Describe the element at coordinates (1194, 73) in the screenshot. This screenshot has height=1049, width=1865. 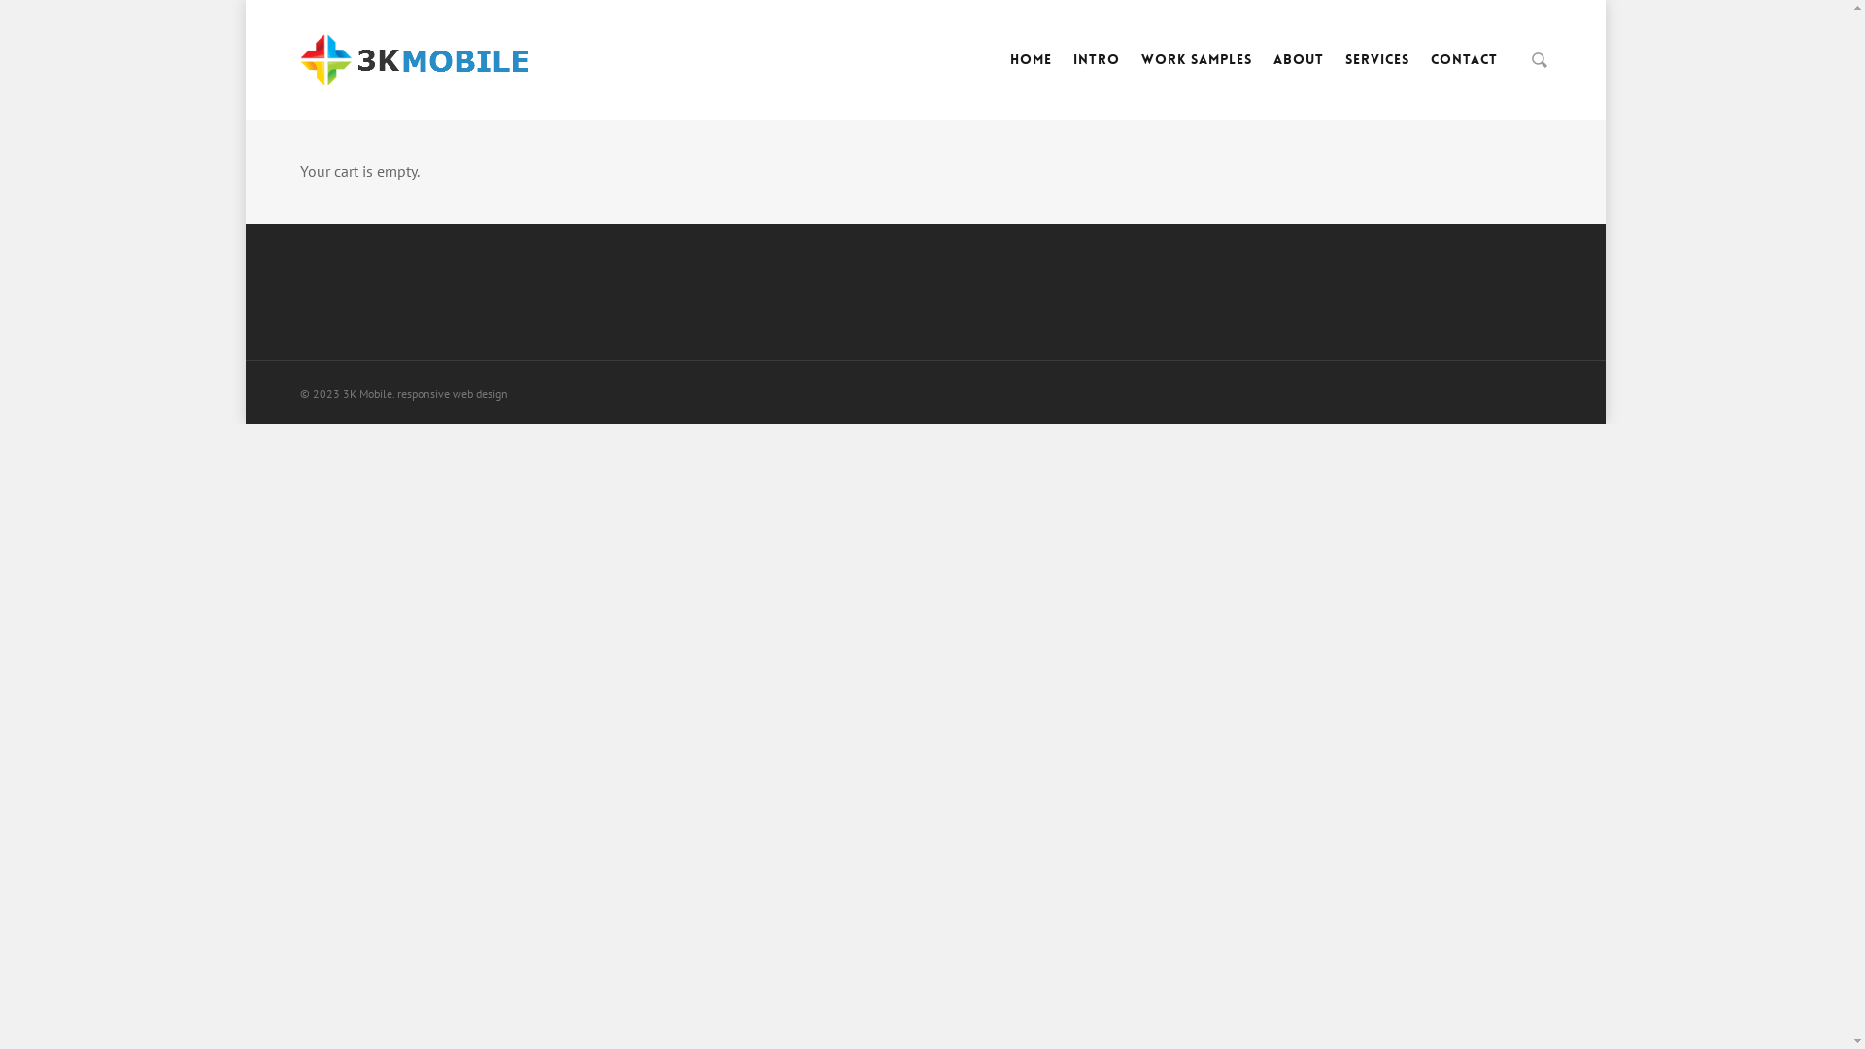
I see `'Work Samples'` at that location.